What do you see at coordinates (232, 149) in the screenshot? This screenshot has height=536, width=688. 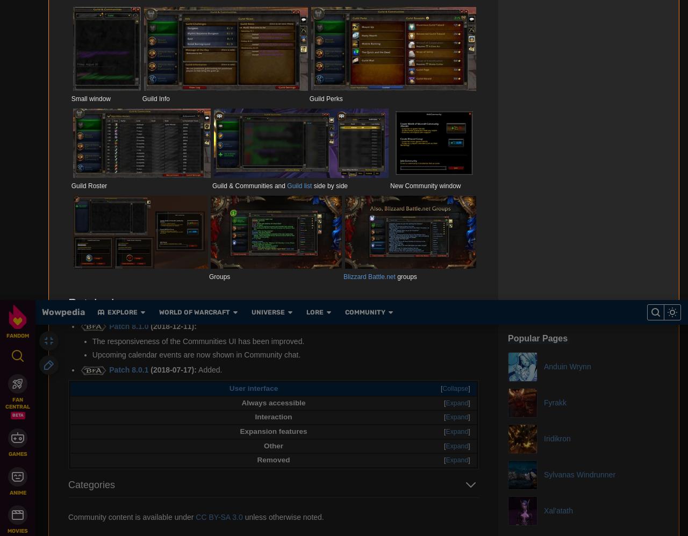 I see `'Local Sitemap'` at bounding box center [232, 149].